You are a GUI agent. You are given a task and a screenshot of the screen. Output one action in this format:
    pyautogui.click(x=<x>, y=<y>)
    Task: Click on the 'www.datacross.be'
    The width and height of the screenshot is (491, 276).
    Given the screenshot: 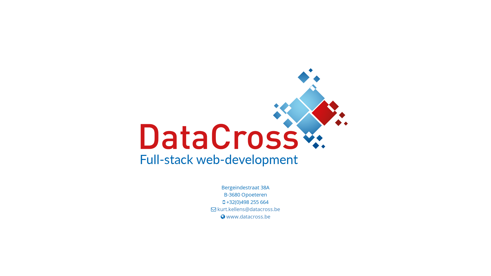 What is the action you would take?
    pyautogui.click(x=248, y=216)
    